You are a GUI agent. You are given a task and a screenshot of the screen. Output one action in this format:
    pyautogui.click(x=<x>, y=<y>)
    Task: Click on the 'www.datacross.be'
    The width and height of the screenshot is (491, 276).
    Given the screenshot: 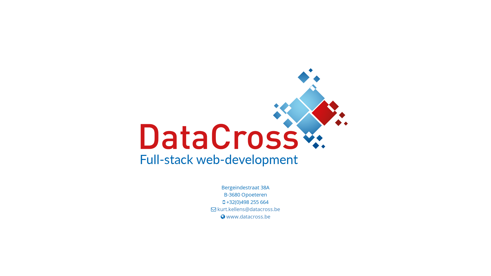 What is the action you would take?
    pyautogui.click(x=248, y=216)
    